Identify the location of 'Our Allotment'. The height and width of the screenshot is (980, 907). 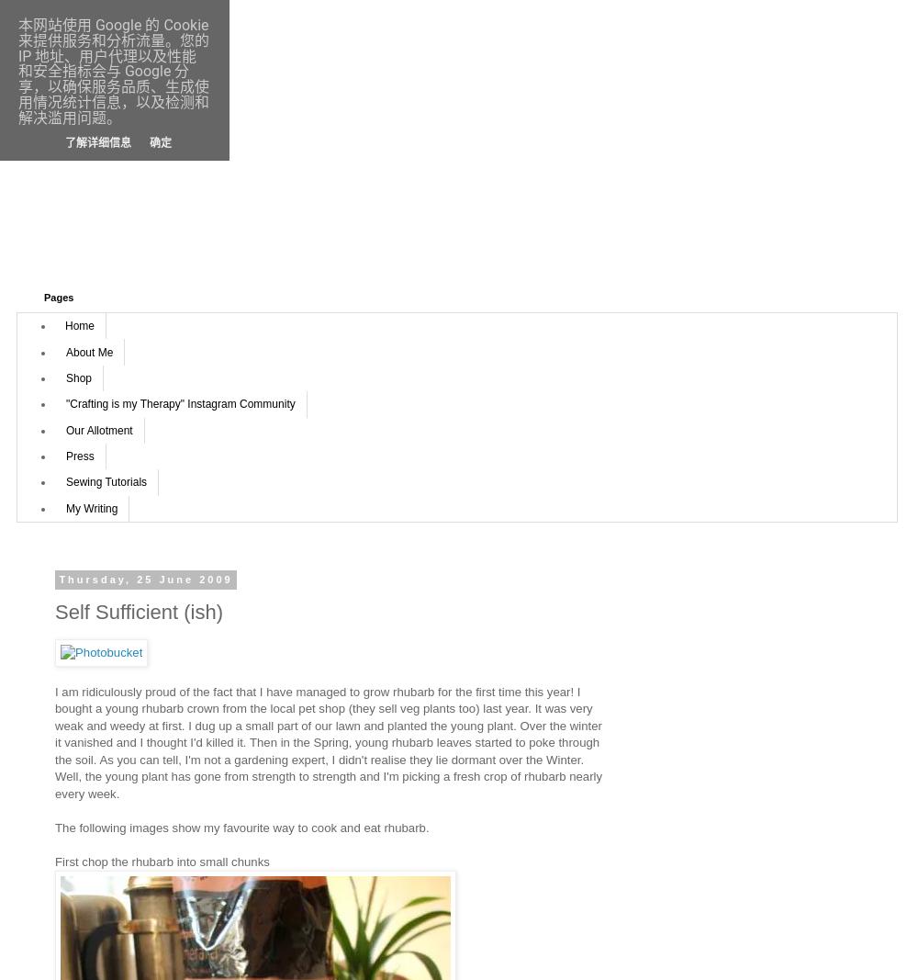
(66, 428).